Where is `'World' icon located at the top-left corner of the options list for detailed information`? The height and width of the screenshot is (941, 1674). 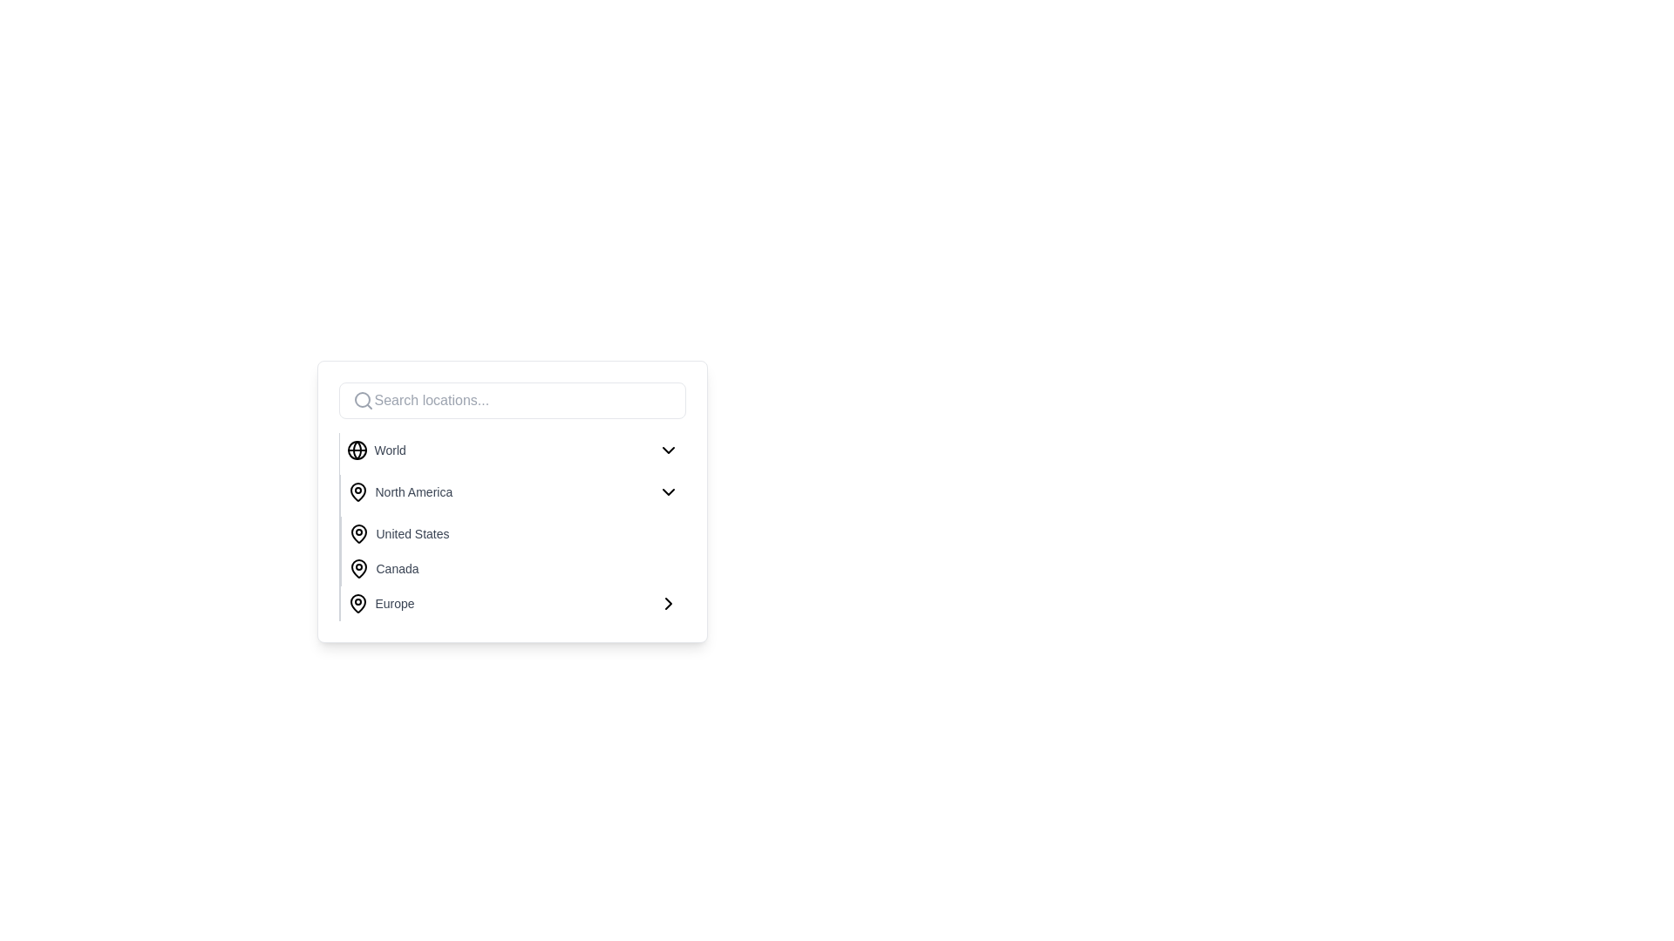 'World' icon located at the top-left corner of the options list for detailed information is located at coordinates (356, 449).